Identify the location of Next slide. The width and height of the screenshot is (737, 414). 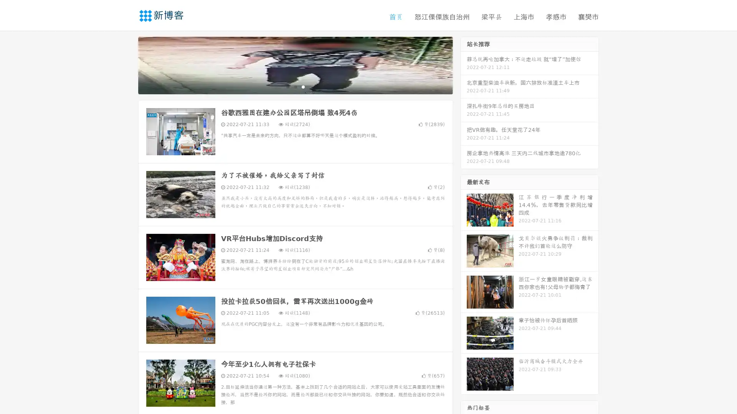
(464, 64).